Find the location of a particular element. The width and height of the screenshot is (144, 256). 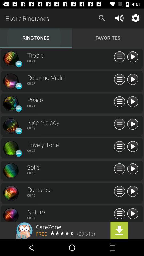

play is located at coordinates (132, 214).